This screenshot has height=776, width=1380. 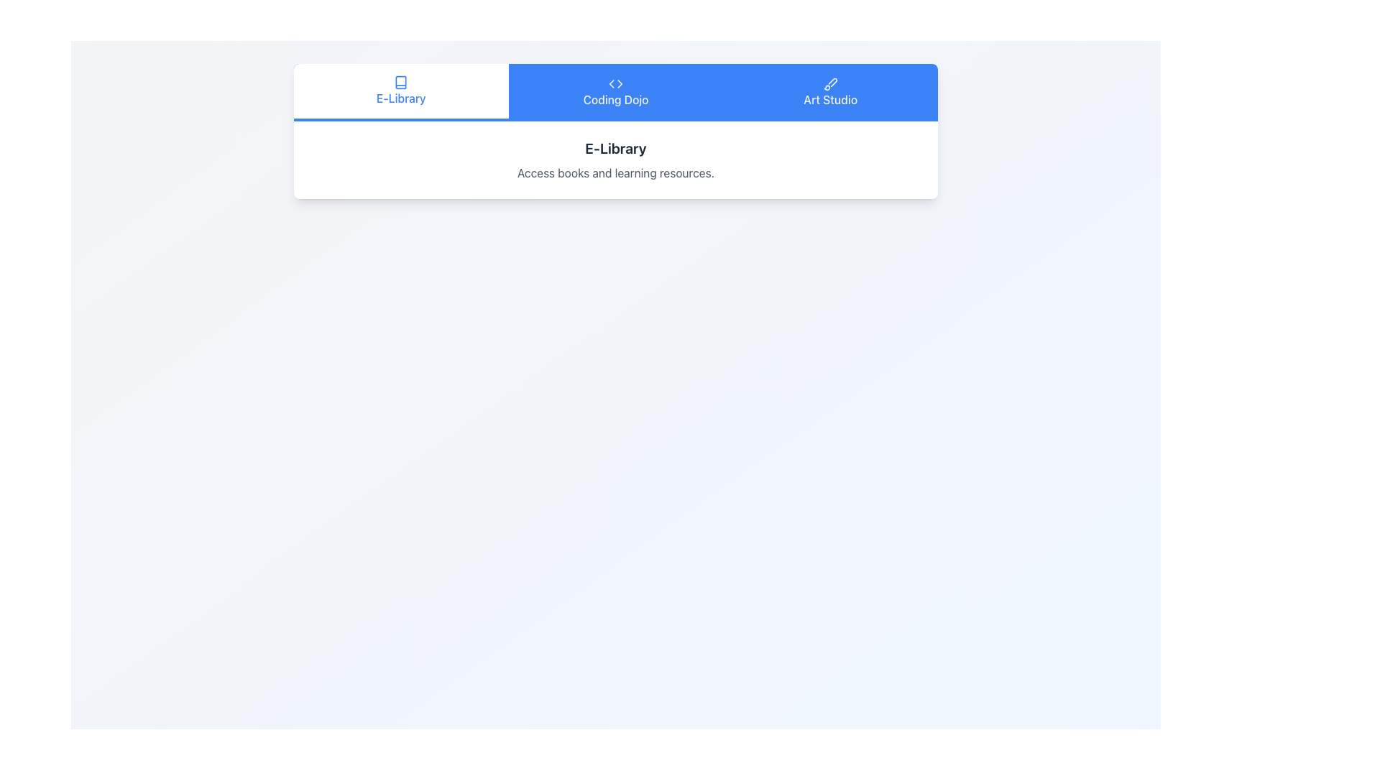 I want to click on the 'Coding Dojo' text label, which is styled in white font and centered within a blue rectangular background on the navigation bar, so click(x=616, y=98).